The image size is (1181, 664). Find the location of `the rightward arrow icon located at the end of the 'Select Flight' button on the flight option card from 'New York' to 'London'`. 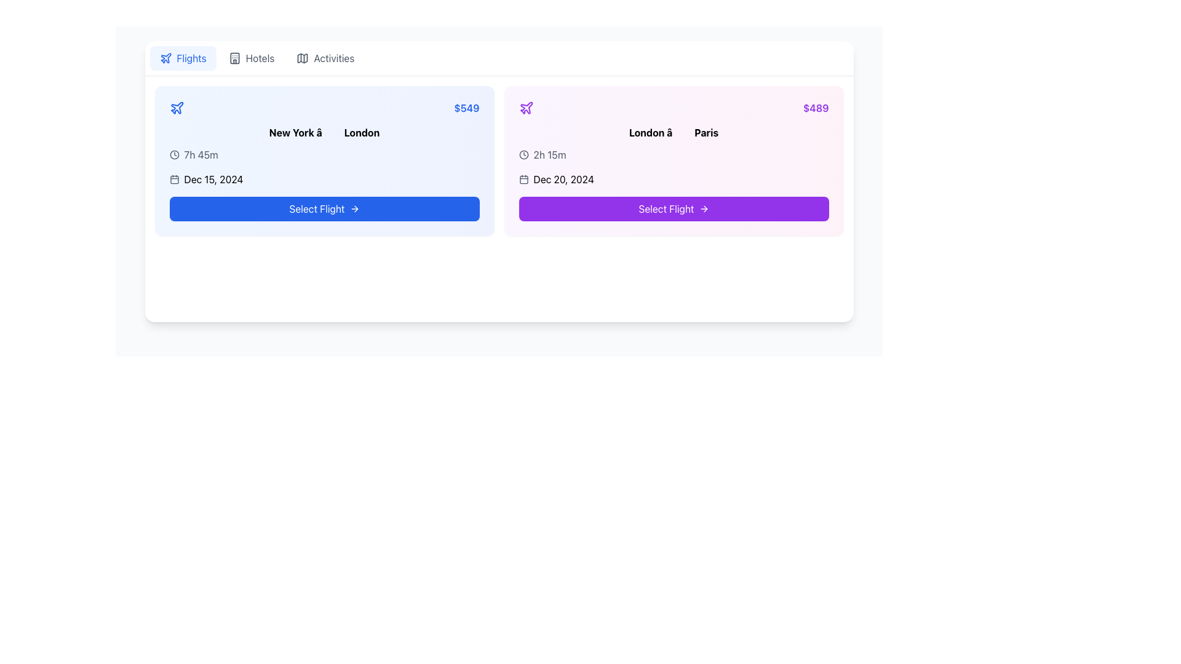

the rightward arrow icon located at the end of the 'Select Flight' button on the flight option card from 'New York' to 'London' is located at coordinates (355, 208).